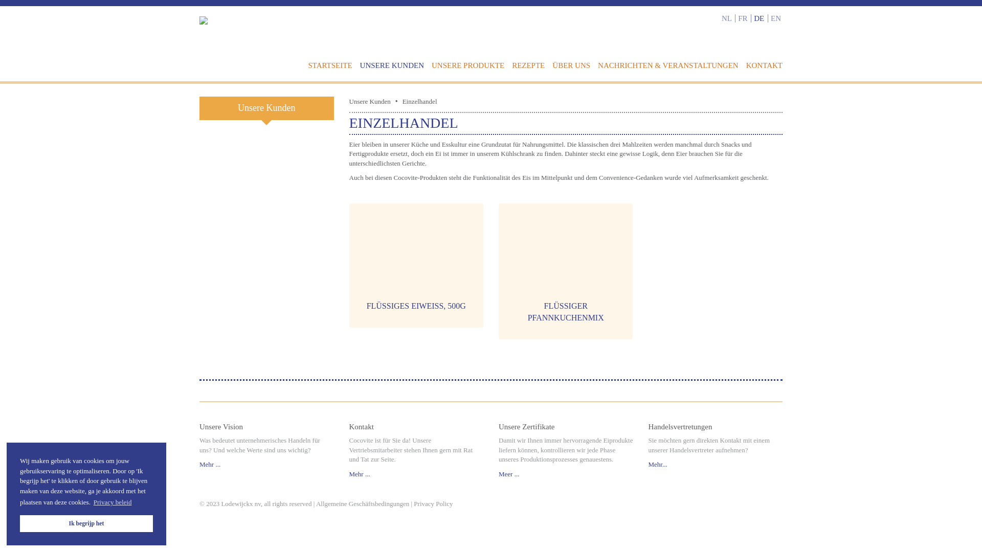  What do you see at coordinates (775, 18) in the screenshot?
I see `'EN'` at bounding box center [775, 18].